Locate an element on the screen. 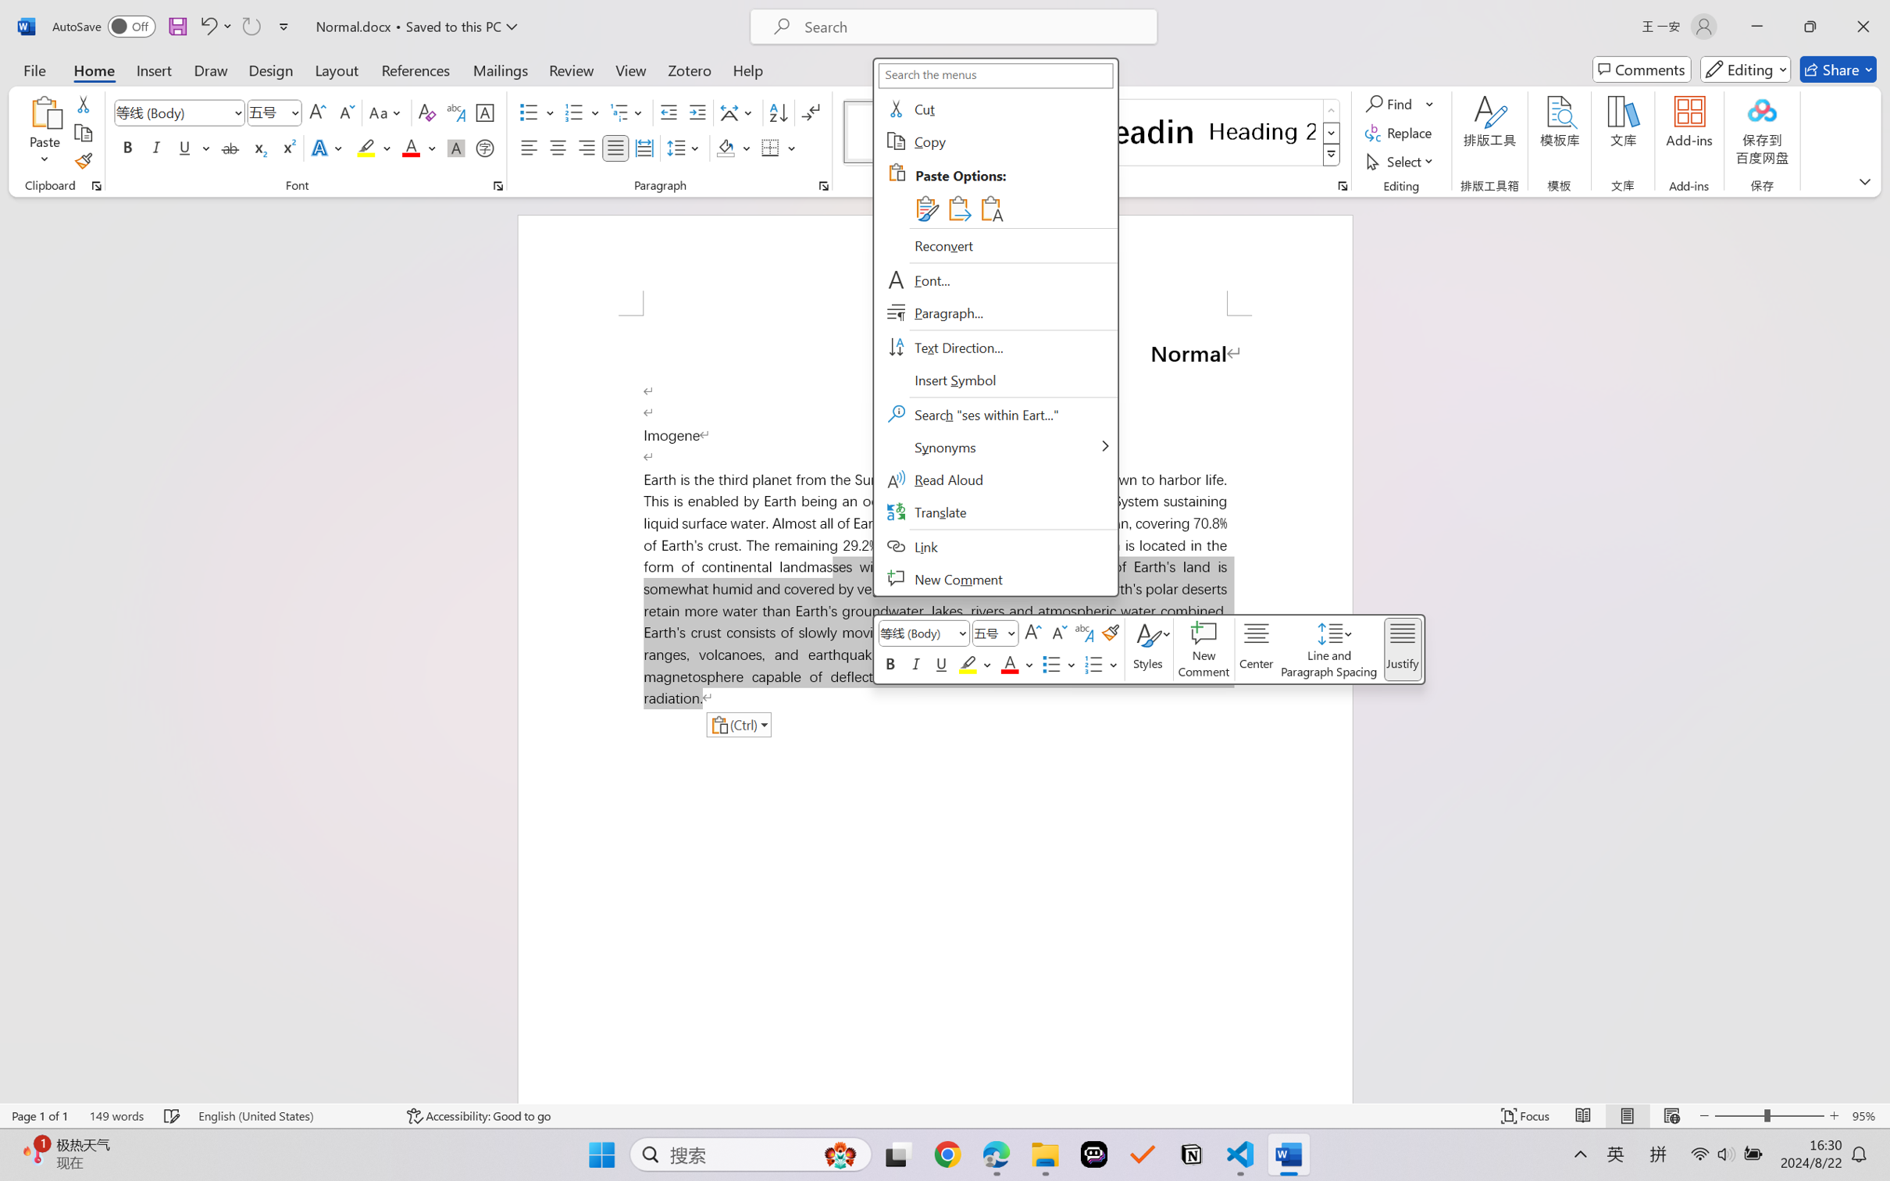 This screenshot has width=1890, height=1181. 'Class: MsoCommandBar' is located at coordinates (945, 1115).